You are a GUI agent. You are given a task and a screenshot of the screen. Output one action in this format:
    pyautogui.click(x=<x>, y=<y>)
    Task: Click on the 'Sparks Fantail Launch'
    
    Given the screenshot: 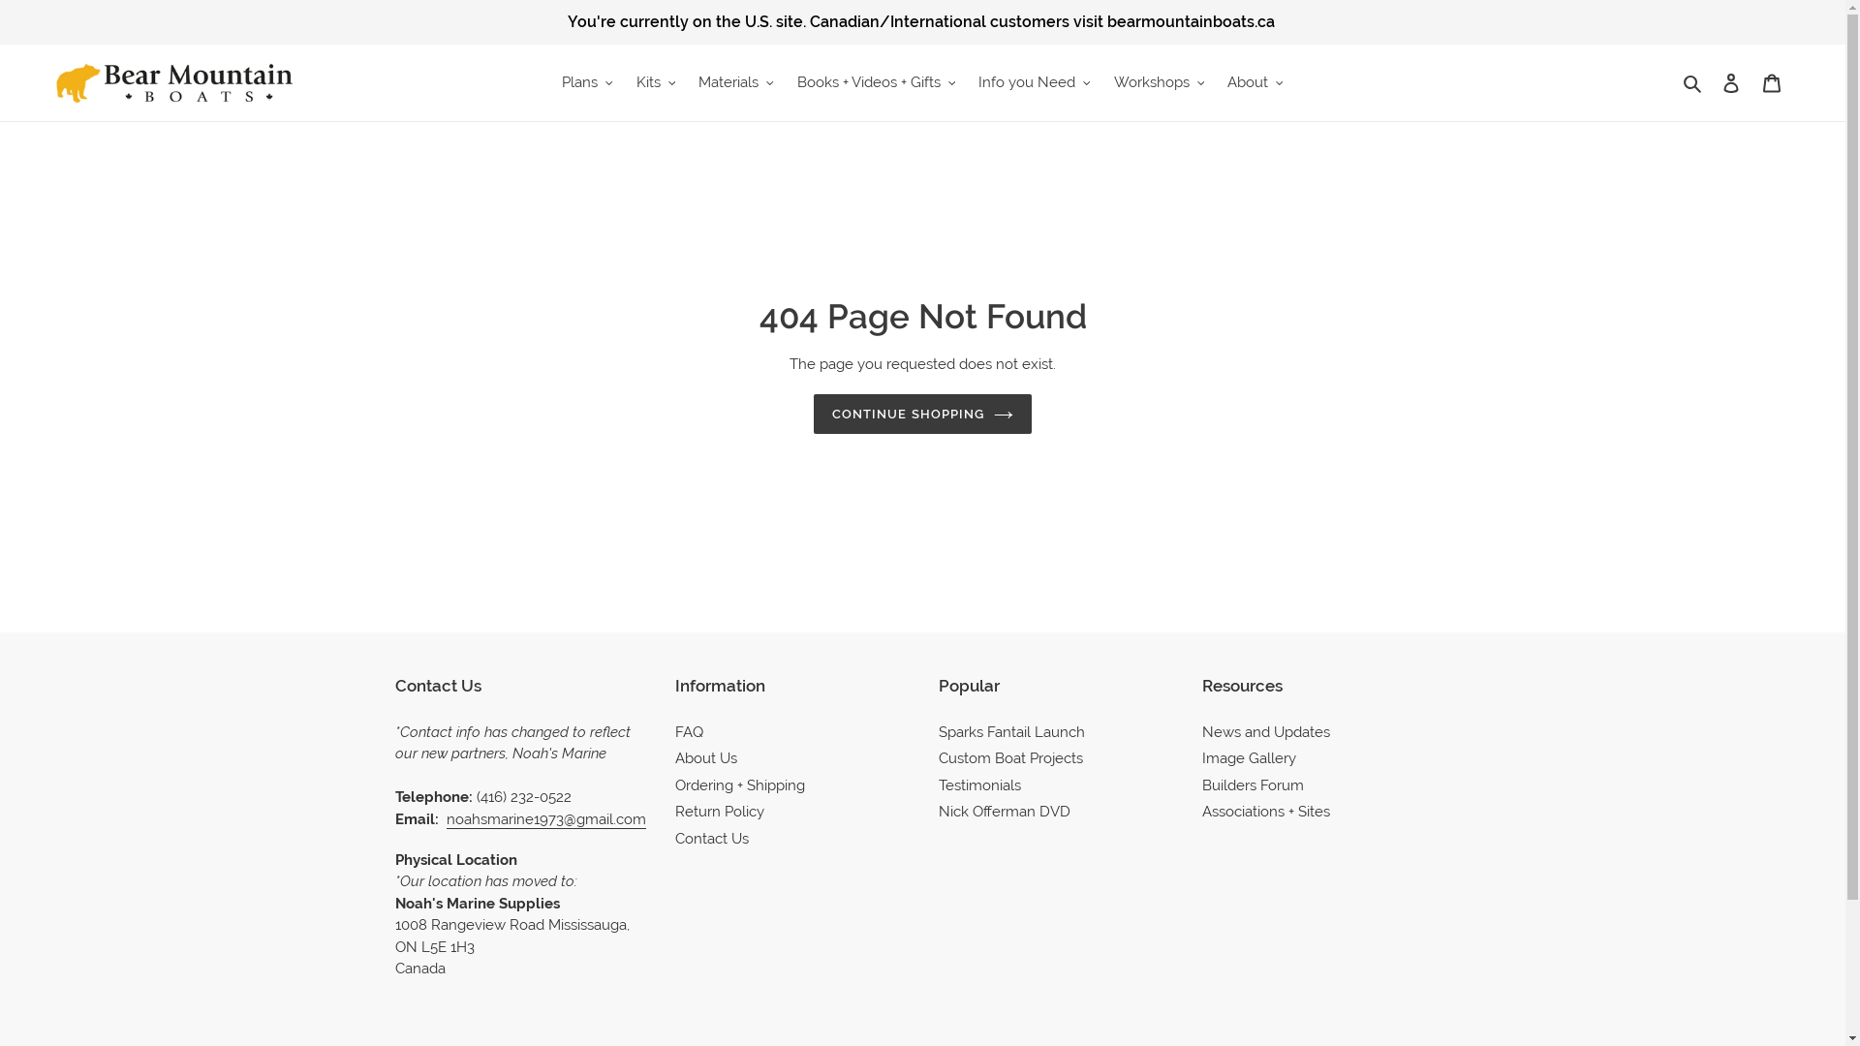 What is the action you would take?
    pyautogui.click(x=1010, y=732)
    